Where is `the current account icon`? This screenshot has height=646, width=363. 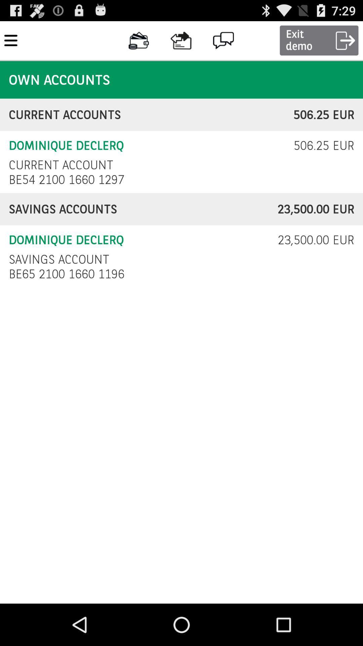 the current account icon is located at coordinates (61, 165).